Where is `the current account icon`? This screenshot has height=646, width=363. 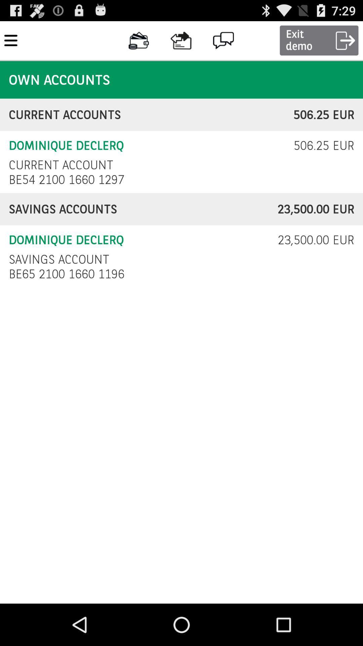 the current account icon is located at coordinates (61, 165).